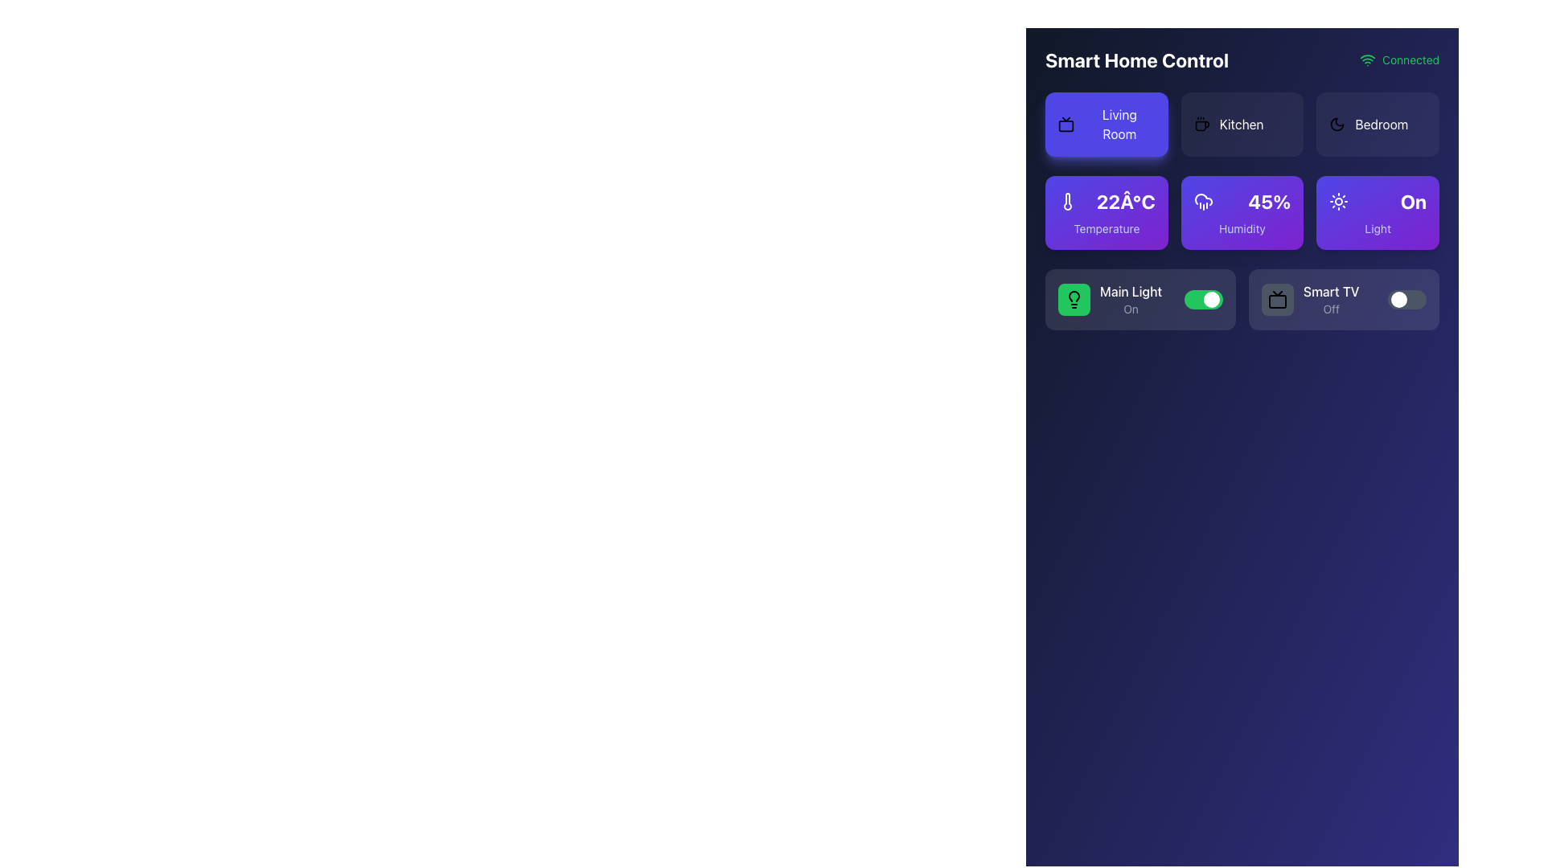  I want to click on displayed value of the bold numeric text label '45%' indicating humidity, which is prominently styled in white against a gradient purple background, so click(1242, 200).